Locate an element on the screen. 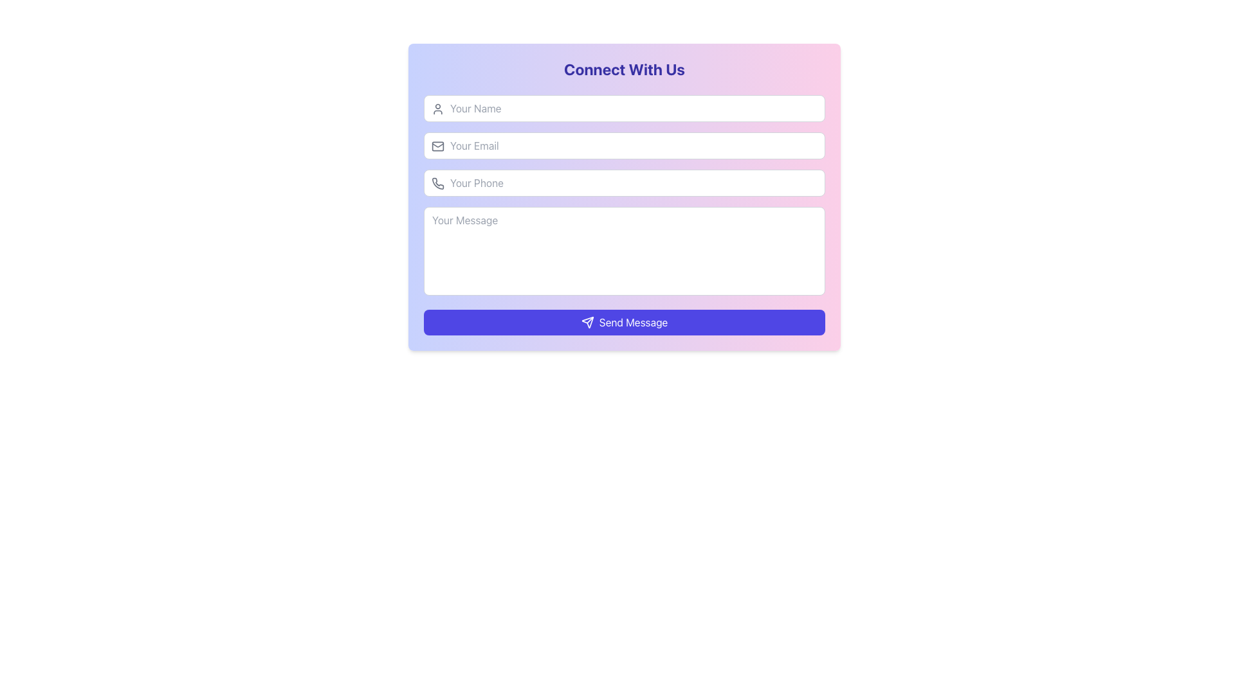 The height and width of the screenshot is (694, 1235). the phone number input field, which is the third input in the 'Connect With Us' contact form, located below the 'Your Email' field is located at coordinates (624, 183).